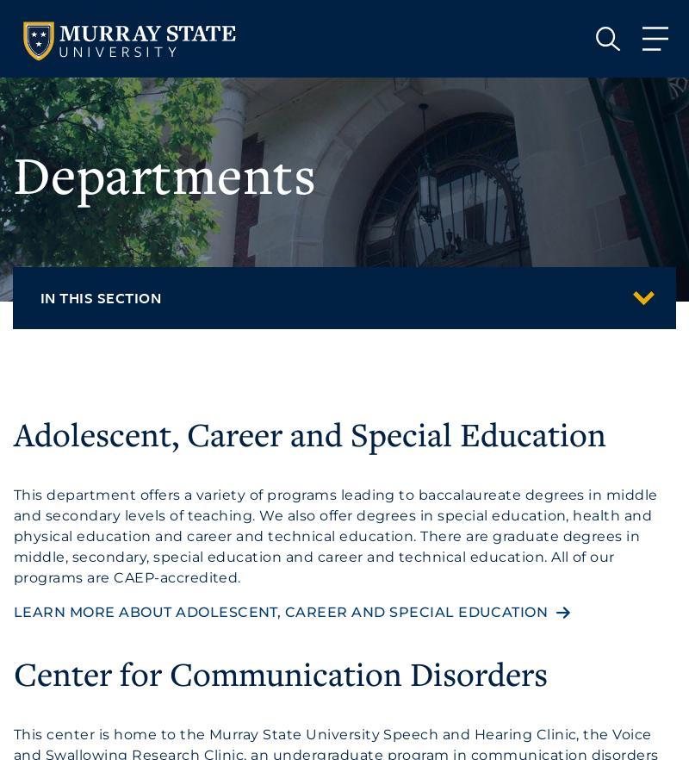 This screenshot has height=760, width=689. I want to click on 'Athletics', so click(116, 259).